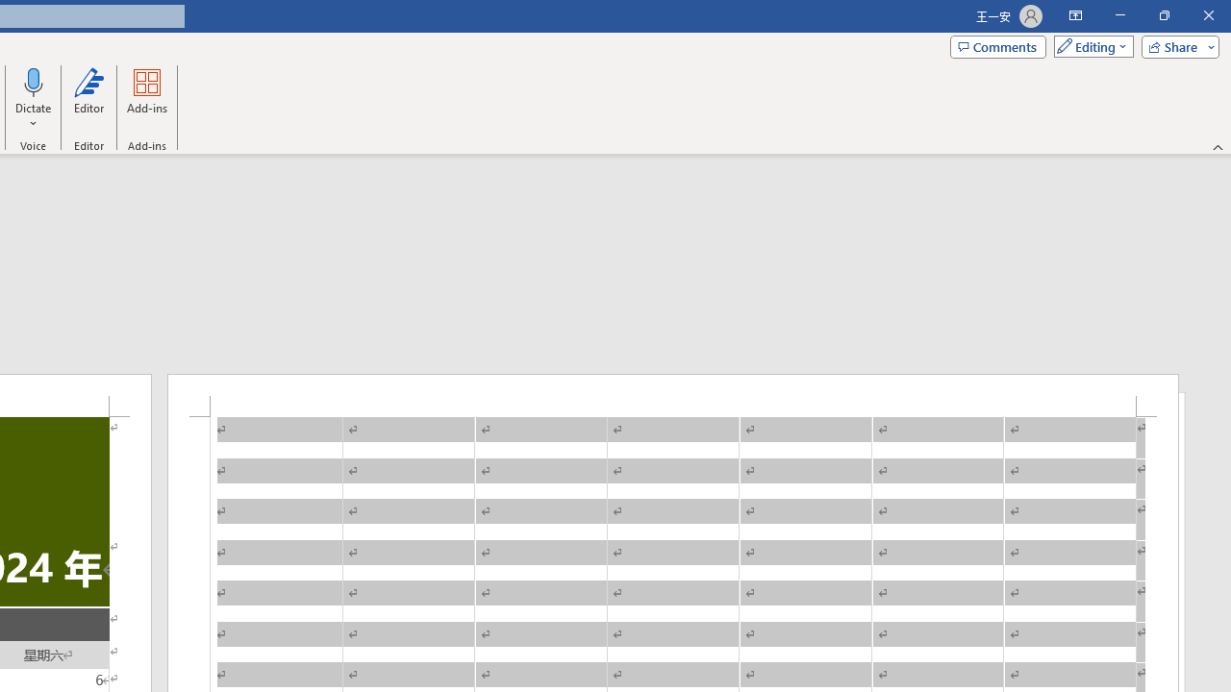 This screenshot has height=692, width=1231. What do you see at coordinates (88, 99) in the screenshot?
I see `'Editor'` at bounding box center [88, 99].